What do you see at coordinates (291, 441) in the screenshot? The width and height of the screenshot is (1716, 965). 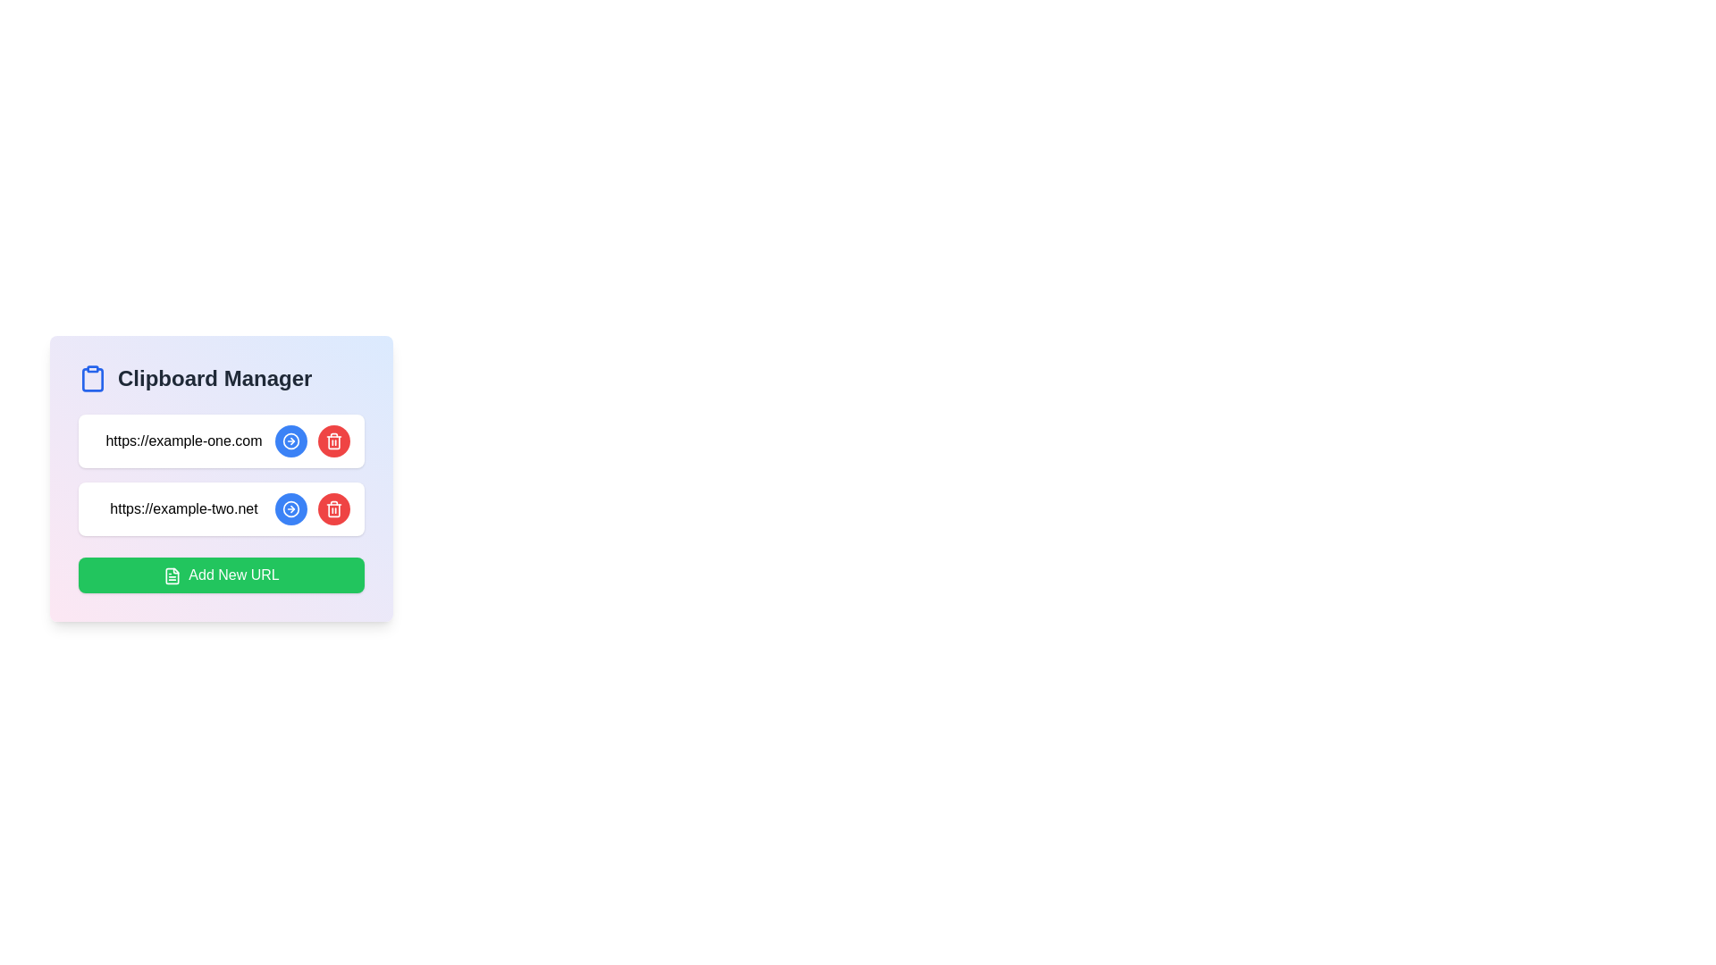 I see `the progression button located to the right of the first text field` at bounding box center [291, 441].